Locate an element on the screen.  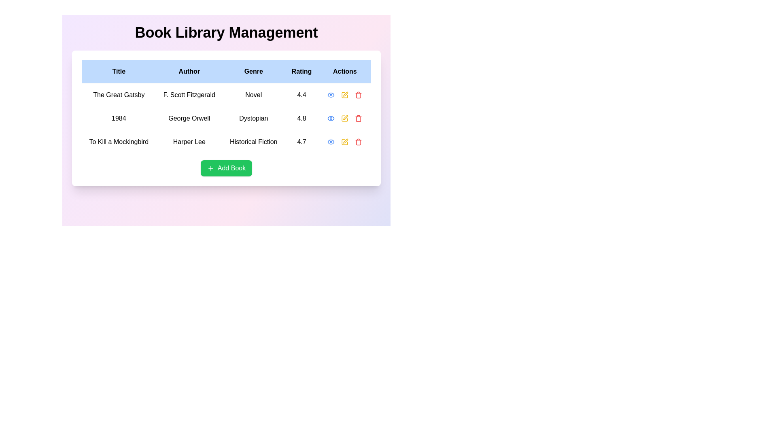
the edit icon button (pencil icon) in the Actions column of the third row corresponding to the book 'To Kill a Mockingbird' is located at coordinates (346, 140).